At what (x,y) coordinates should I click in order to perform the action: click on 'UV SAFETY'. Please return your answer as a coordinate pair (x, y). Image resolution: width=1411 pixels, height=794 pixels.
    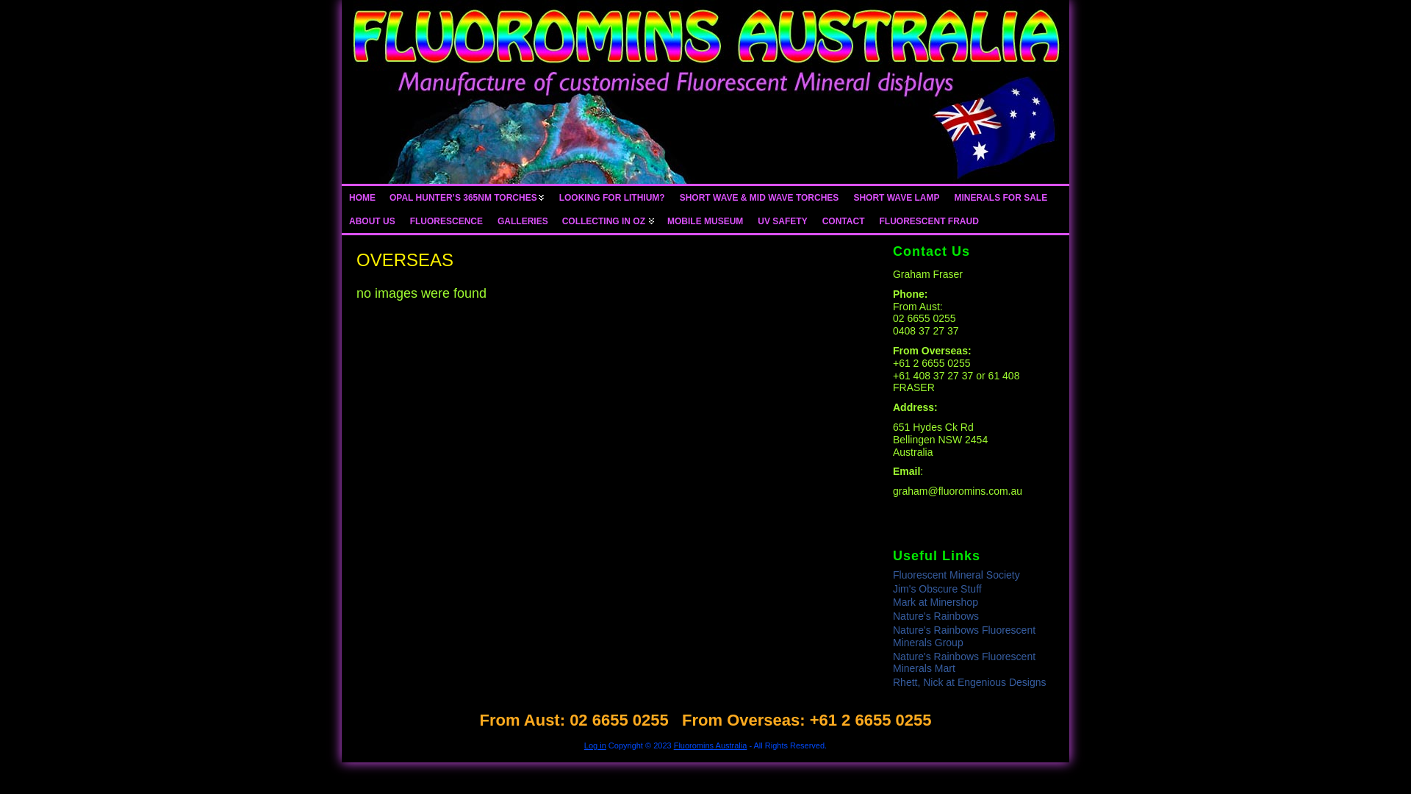
    Looking at the image, I should click on (750, 221).